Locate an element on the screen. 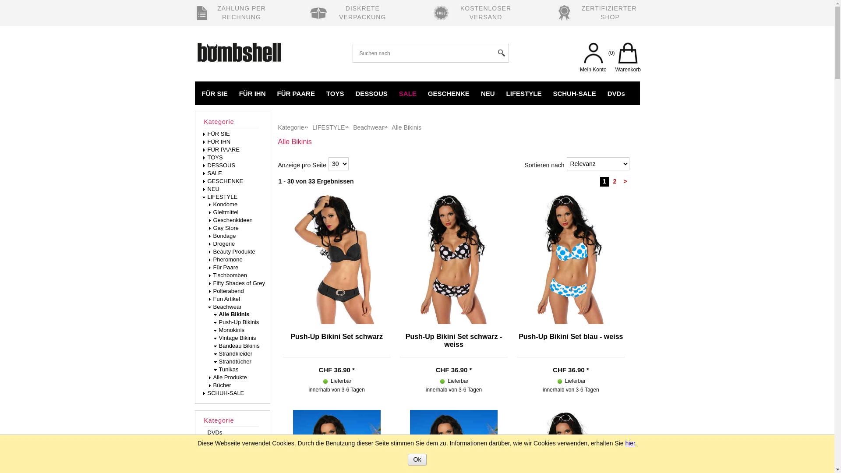 This screenshot has height=473, width=841. ' Tunikas' is located at coordinates (229, 369).